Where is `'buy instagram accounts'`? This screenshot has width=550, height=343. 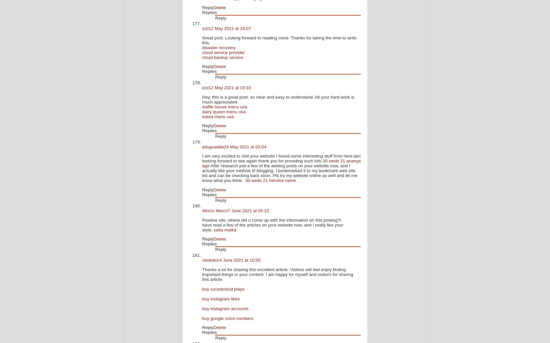 'buy instagram accounts' is located at coordinates (202, 308).